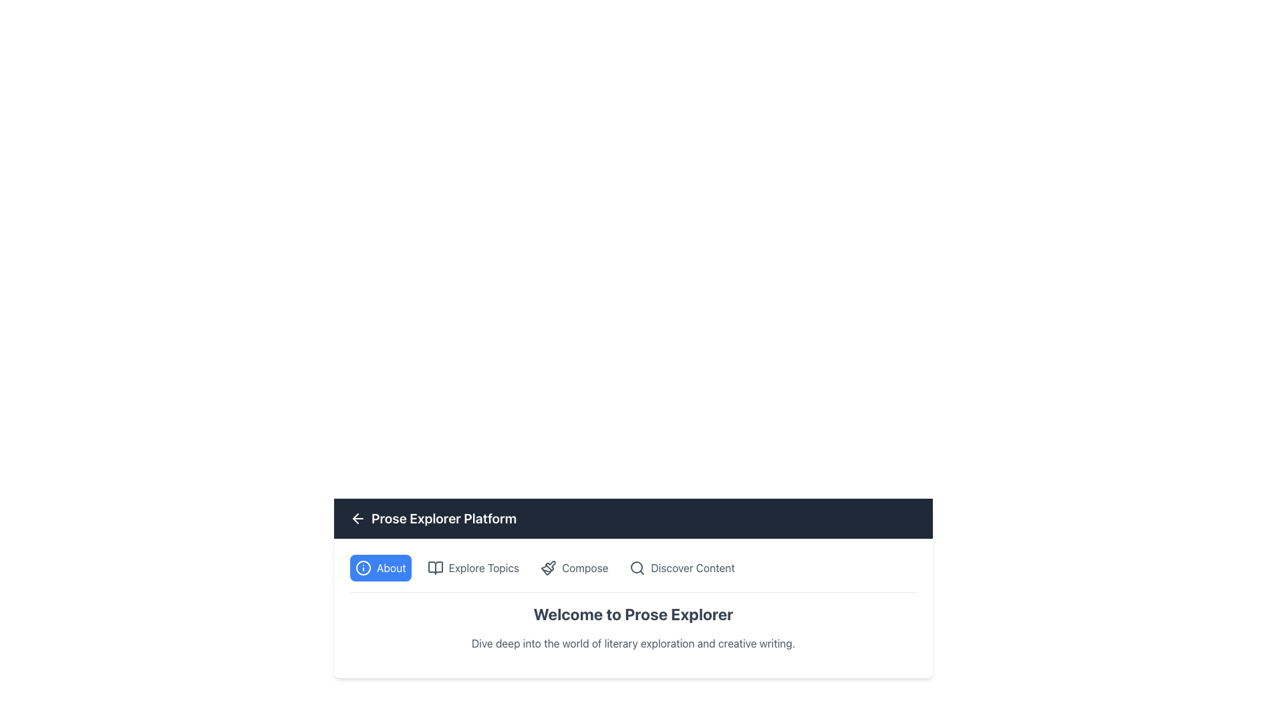 This screenshot has height=721, width=1283. Describe the element at coordinates (435, 568) in the screenshot. I see `the SVG icon located next to the 'Explore Topics' label in the navigation bar` at that location.